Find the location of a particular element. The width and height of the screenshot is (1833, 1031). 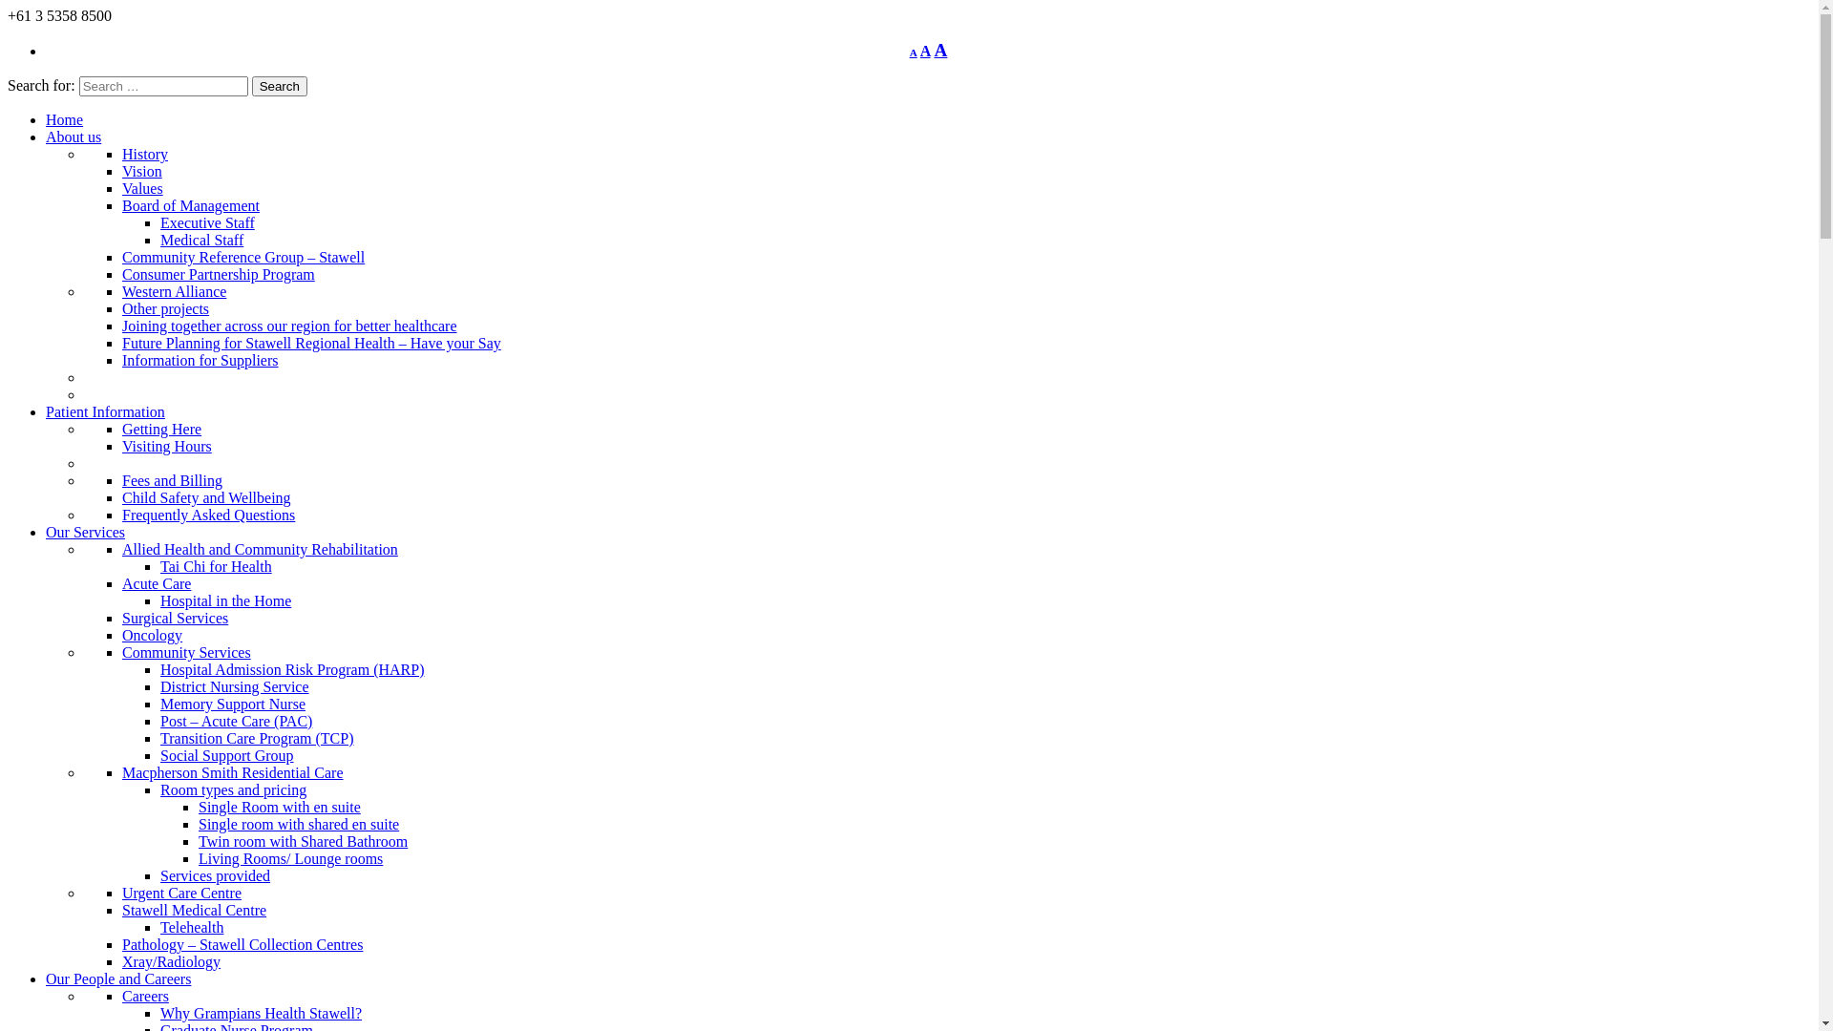

'Medical Staff' is located at coordinates (201, 239).